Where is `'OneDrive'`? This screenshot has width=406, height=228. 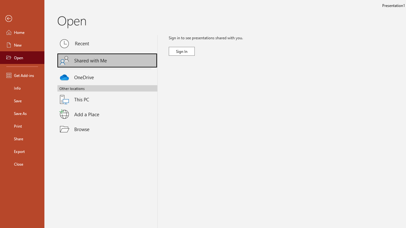
'OneDrive' is located at coordinates (107, 76).